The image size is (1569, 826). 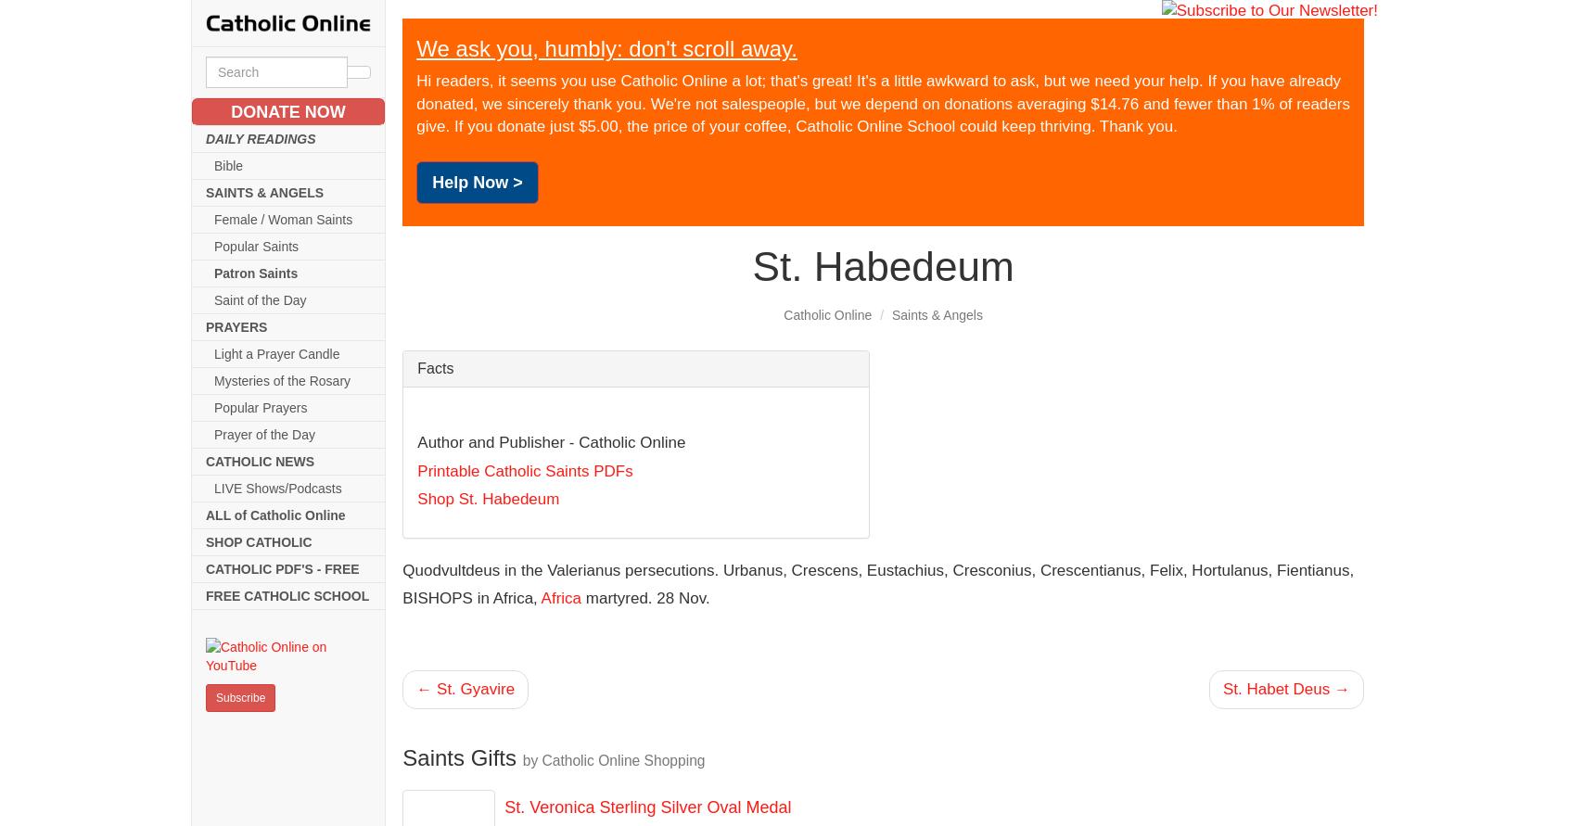 What do you see at coordinates (434, 368) in the screenshot?
I see `'Facts'` at bounding box center [434, 368].